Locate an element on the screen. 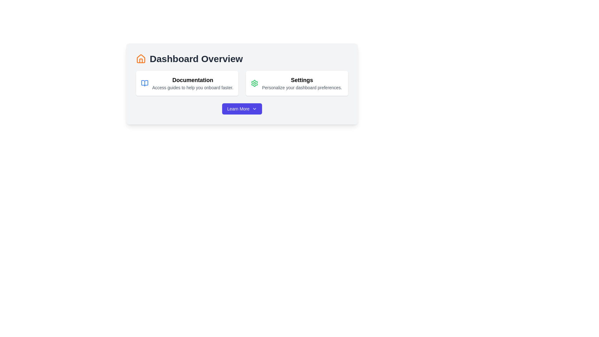 This screenshot has width=599, height=337. the orange house-shaped icon located to the left of the 'Dashboard Overview' text in the UI is located at coordinates (140, 59).